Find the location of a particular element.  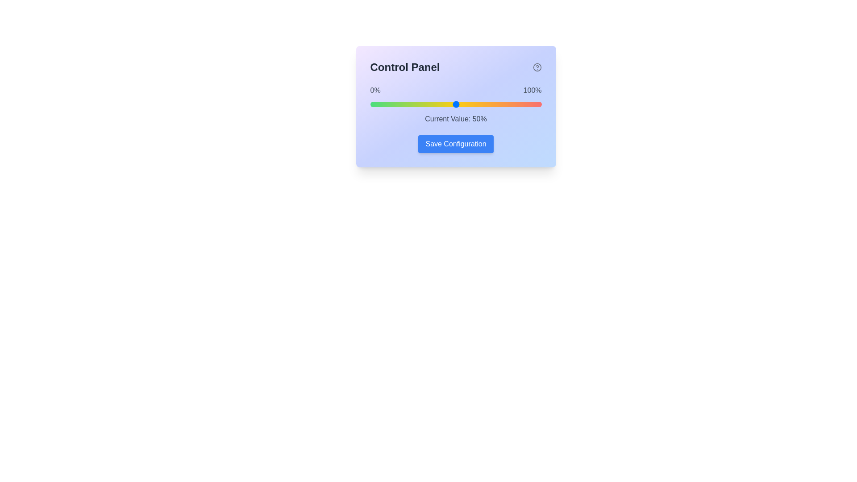

the slider to set the value to 69% is located at coordinates (488, 104).